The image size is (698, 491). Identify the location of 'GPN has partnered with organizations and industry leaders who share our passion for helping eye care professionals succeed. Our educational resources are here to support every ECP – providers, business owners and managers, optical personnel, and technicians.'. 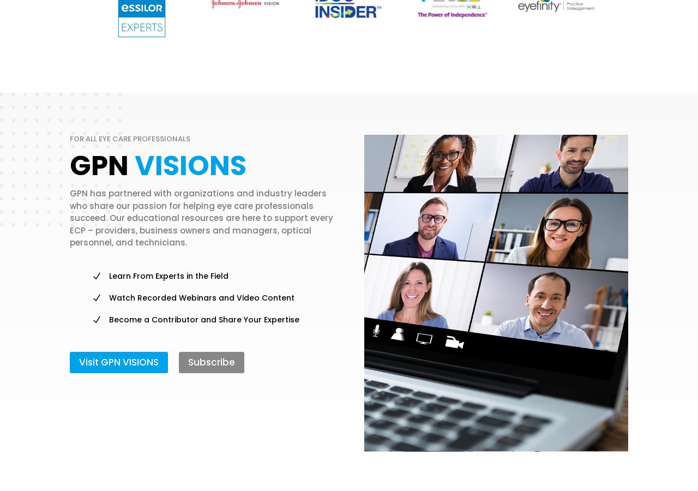
(201, 218).